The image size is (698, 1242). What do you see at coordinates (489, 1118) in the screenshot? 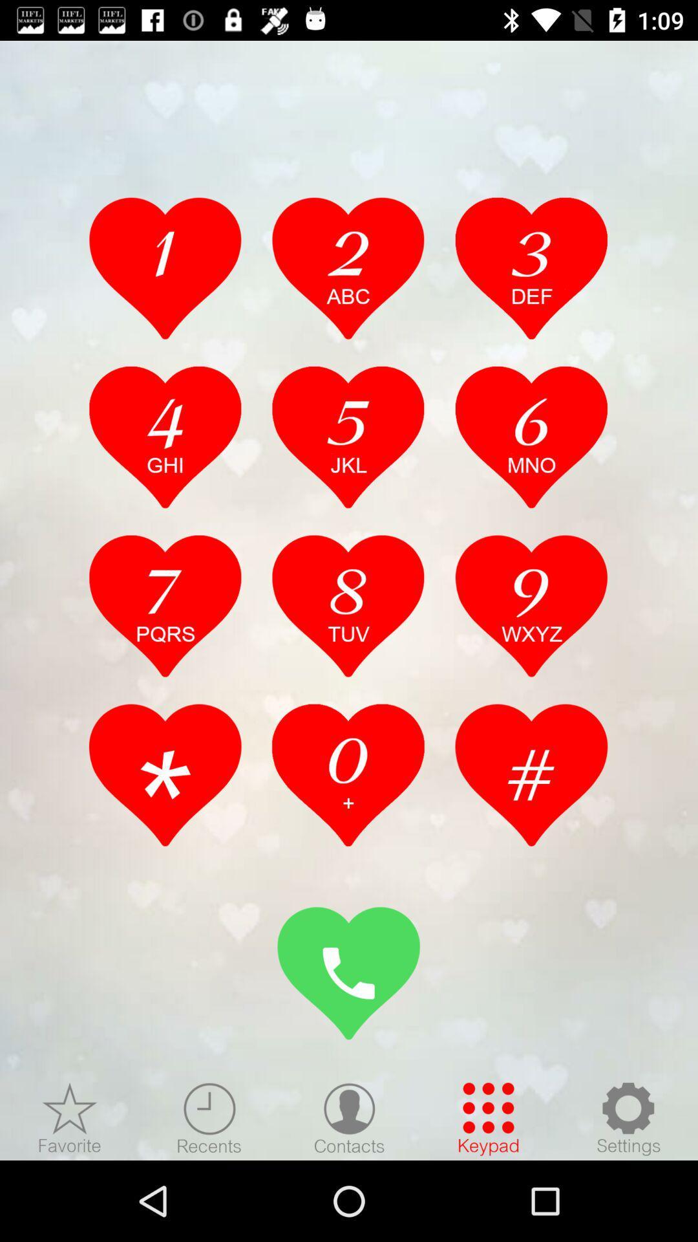
I see `the dialpad icon` at bounding box center [489, 1118].